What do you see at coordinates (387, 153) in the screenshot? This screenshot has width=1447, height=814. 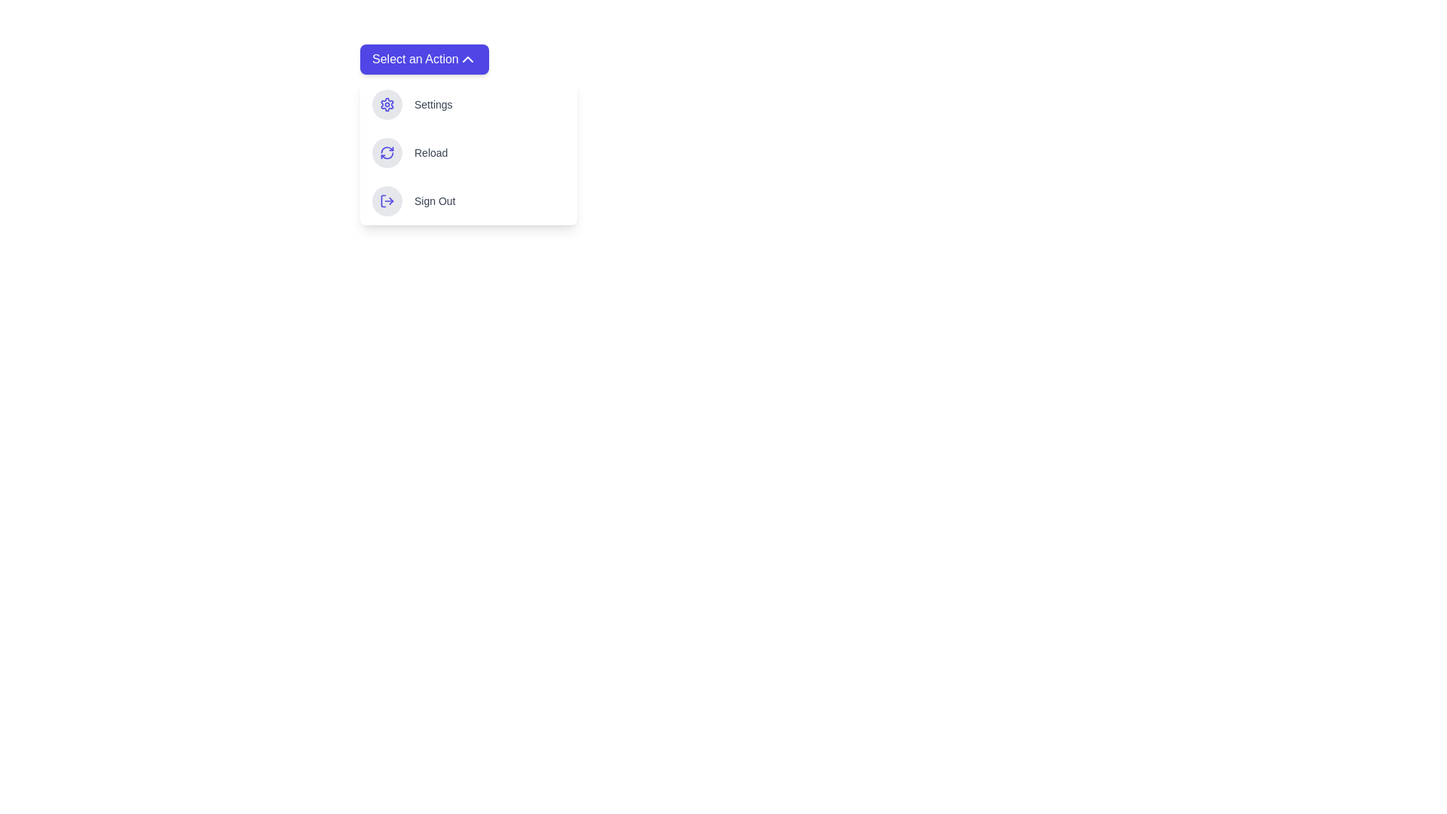 I see `the reload icon located to the left of the 'Reload' text in the dropdown menu, which is directly below the 'Settings' menu item` at bounding box center [387, 153].